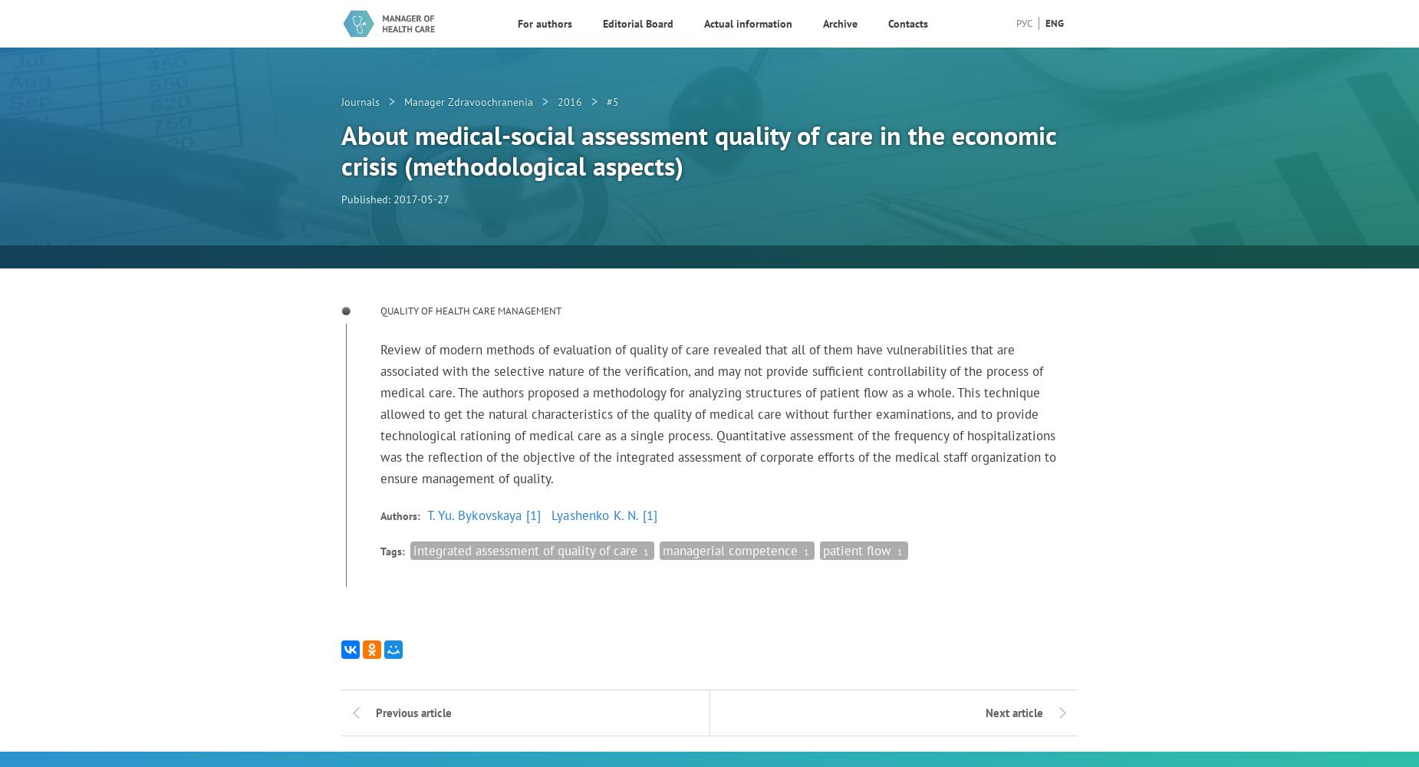 This screenshot has width=1419, height=767. Describe the element at coordinates (545, 24) in the screenshot. I see `'For authors'` at that location.